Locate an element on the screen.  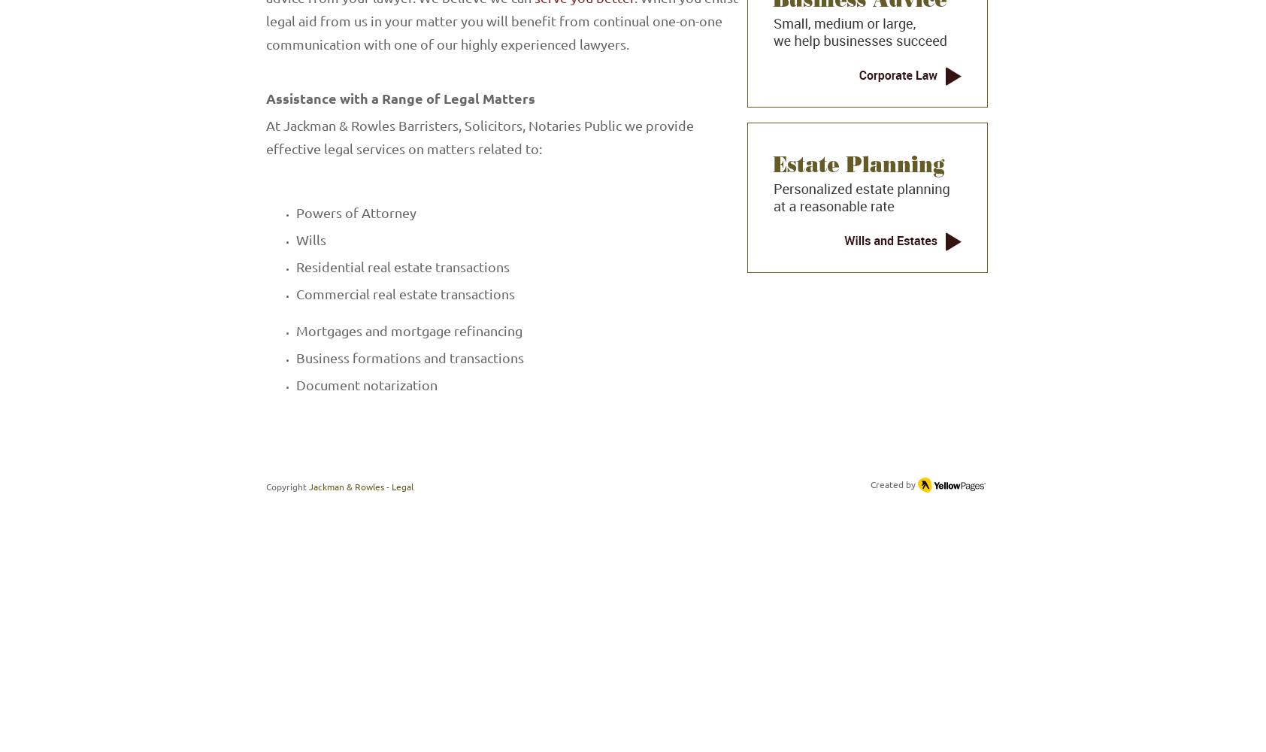
'-' is located at coordinates (386, 487).